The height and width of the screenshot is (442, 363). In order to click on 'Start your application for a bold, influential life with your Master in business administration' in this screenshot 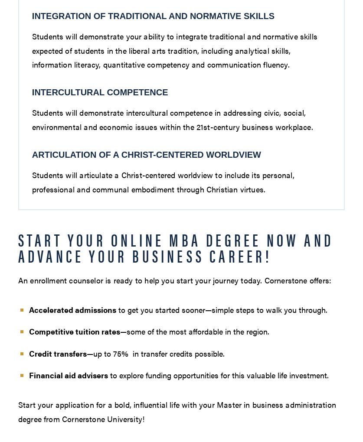, I will do `click(18, 404)`.